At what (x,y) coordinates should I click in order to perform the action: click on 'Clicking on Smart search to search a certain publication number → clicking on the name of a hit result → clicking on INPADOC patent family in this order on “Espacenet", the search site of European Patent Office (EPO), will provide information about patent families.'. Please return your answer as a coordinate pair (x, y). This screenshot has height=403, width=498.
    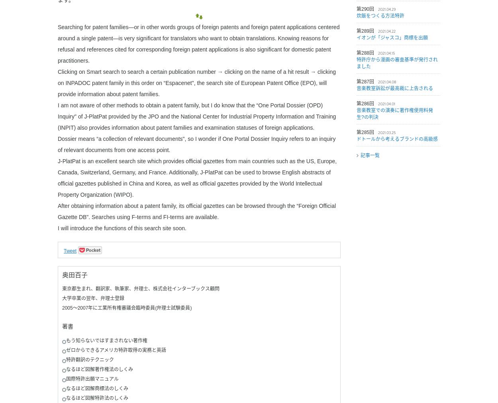
    Looking at the image, I should click on (196, 82).